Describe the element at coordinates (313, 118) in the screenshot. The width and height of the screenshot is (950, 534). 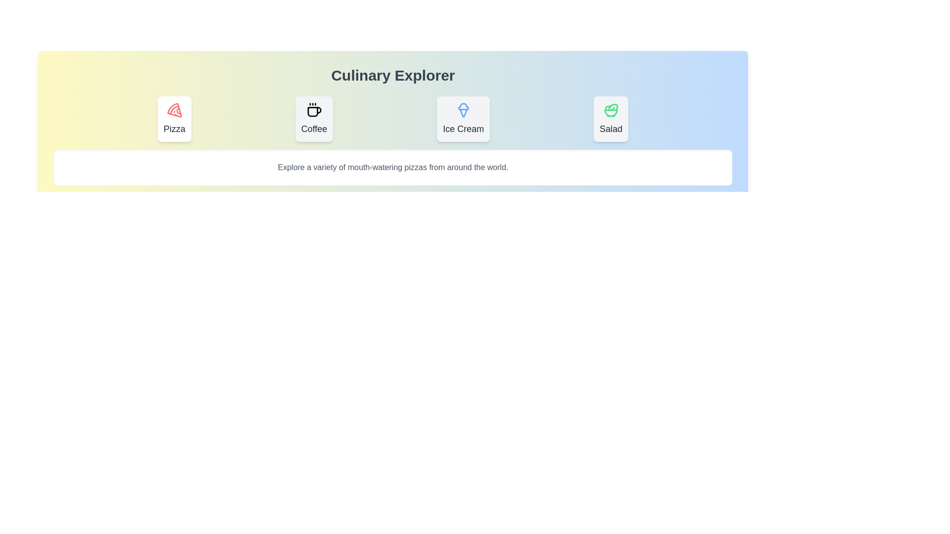
I see `the tab labeled 'Coffee' to display its content` at that location.